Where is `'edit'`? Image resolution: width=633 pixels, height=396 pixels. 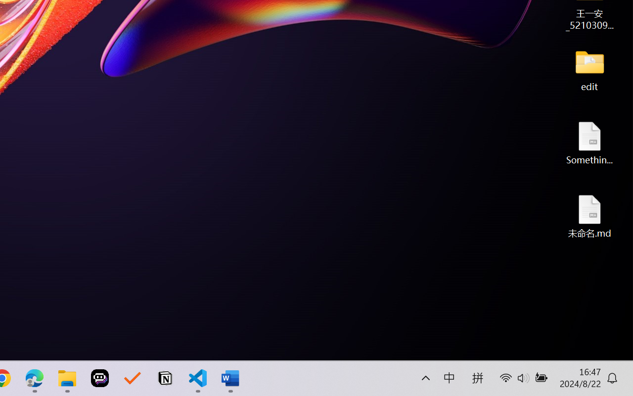 'edit' is located at coordinates (589, 69).